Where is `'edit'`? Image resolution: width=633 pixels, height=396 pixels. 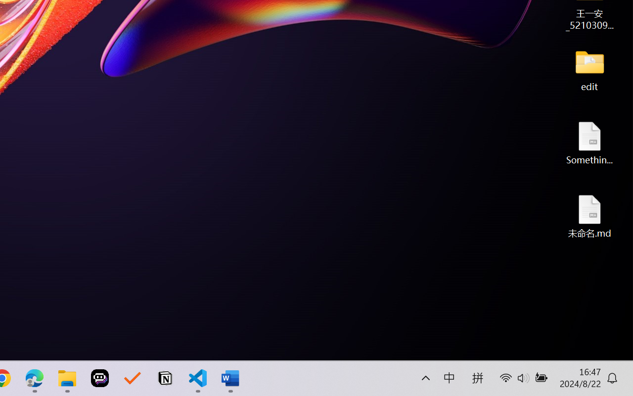 'edit' is located at coordinates (589, 69).